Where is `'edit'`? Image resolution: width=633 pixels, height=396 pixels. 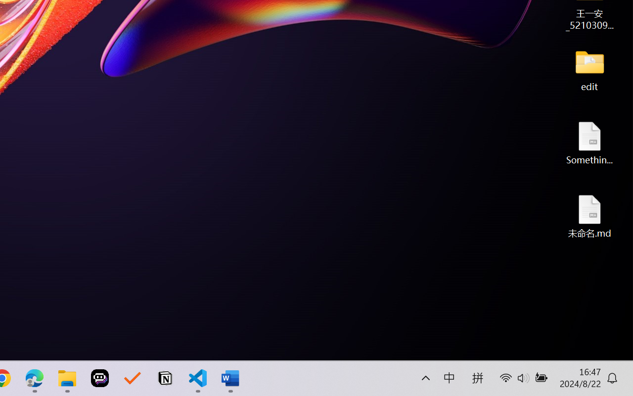 'edit' is located at coordinates (589, 69).